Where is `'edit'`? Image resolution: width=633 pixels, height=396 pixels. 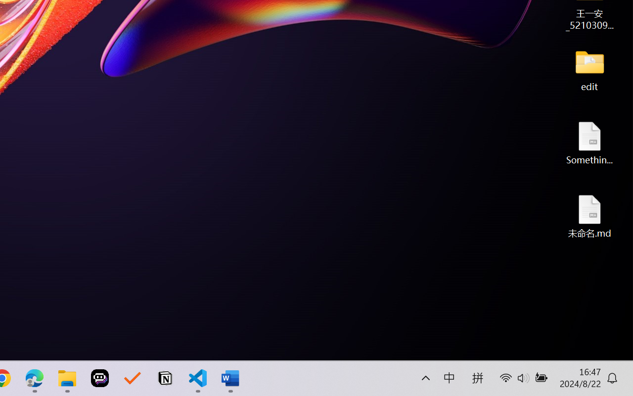 'edit' is located at coordinates (589, 69).